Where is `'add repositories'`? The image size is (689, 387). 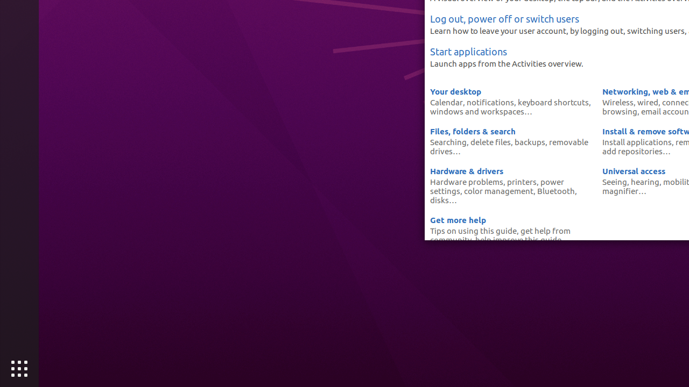
'add repositories' is located at coordinates (632, 151).